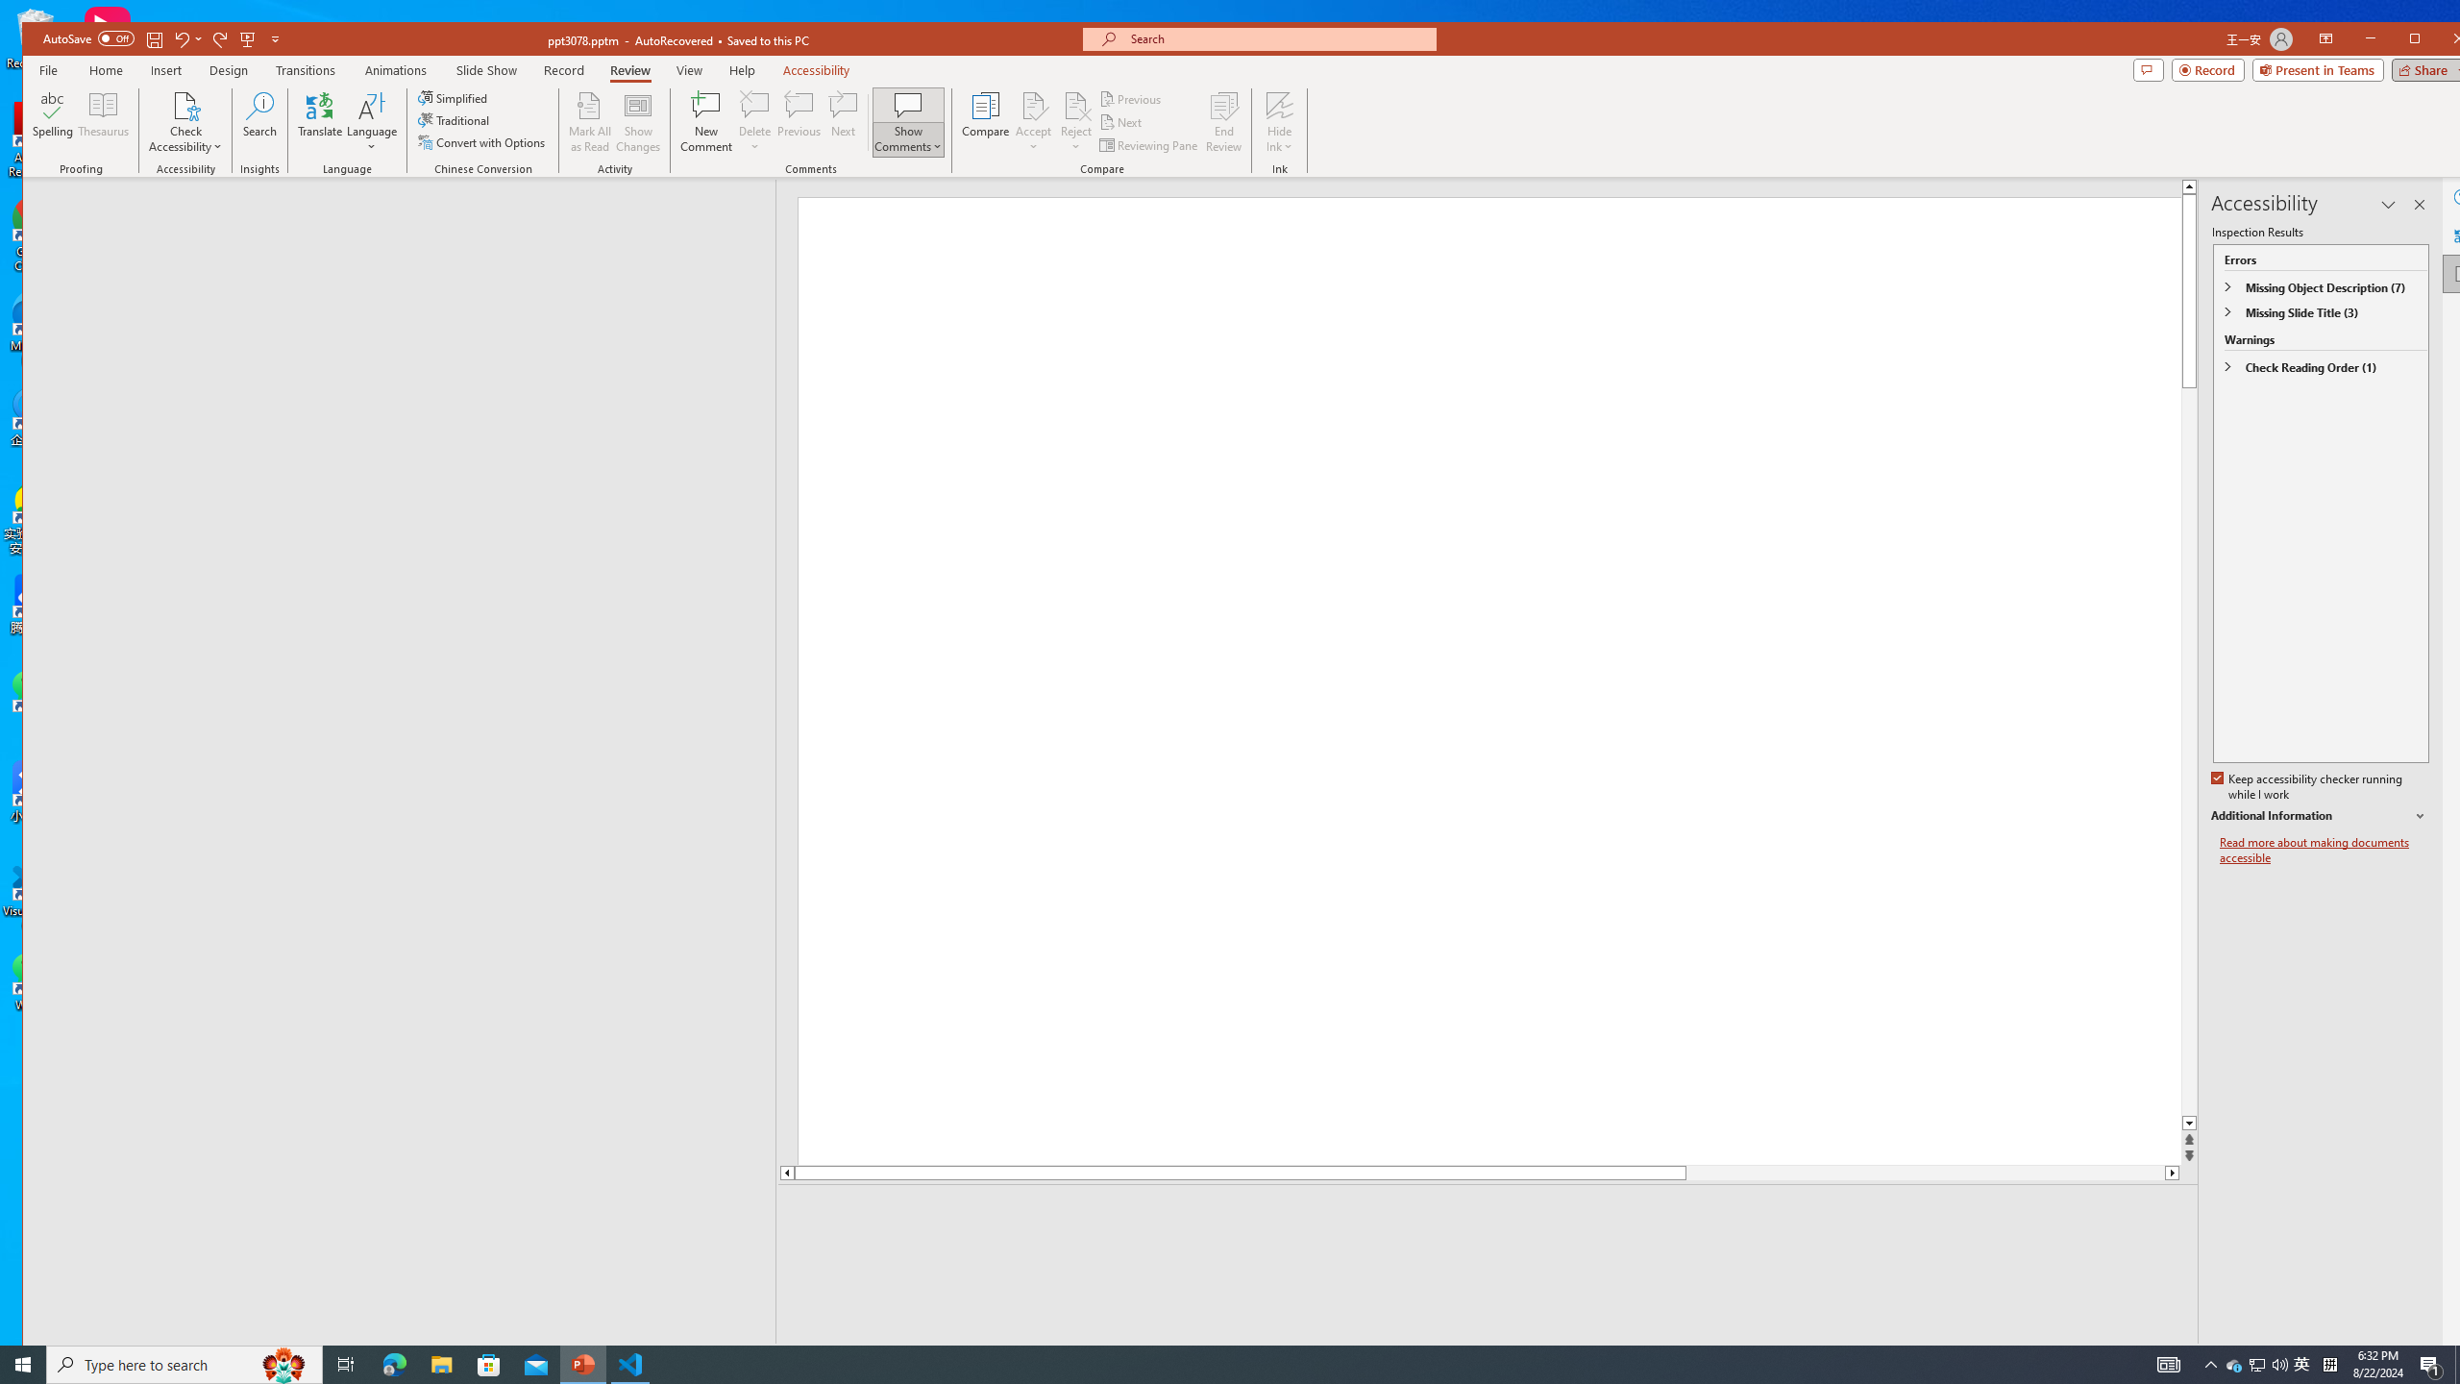  What do you see at coordinates (1034, 121) in the screenshot?
I see `'Accept'` at bounding box center [1034, 121].